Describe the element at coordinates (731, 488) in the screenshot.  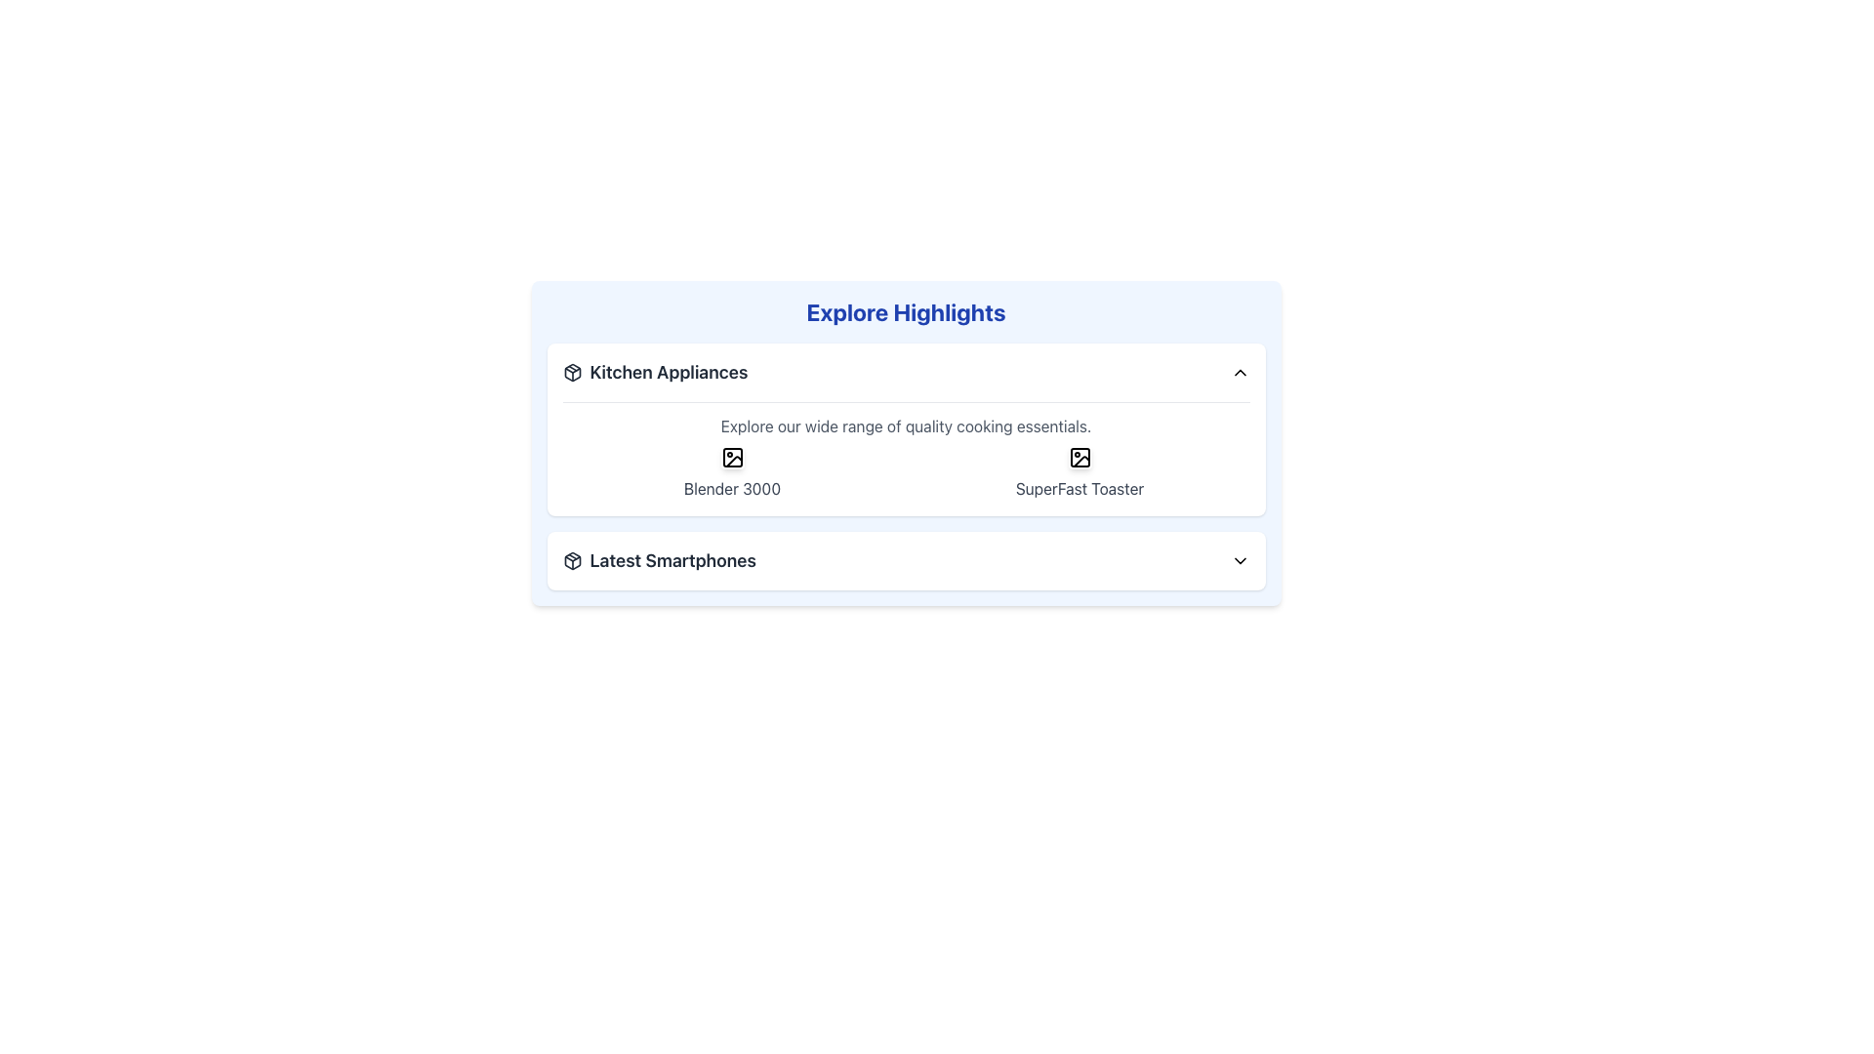
I see `the text label displaying 'Blender 3000', which is centrally aligned in a card layout under the 'Kitchen Appliances' heading` at that location.